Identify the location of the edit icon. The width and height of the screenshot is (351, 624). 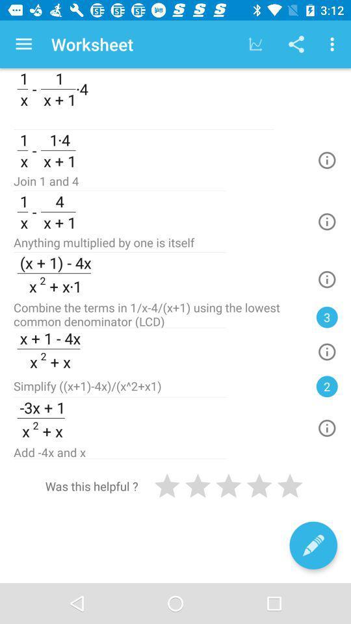
(313, 545).